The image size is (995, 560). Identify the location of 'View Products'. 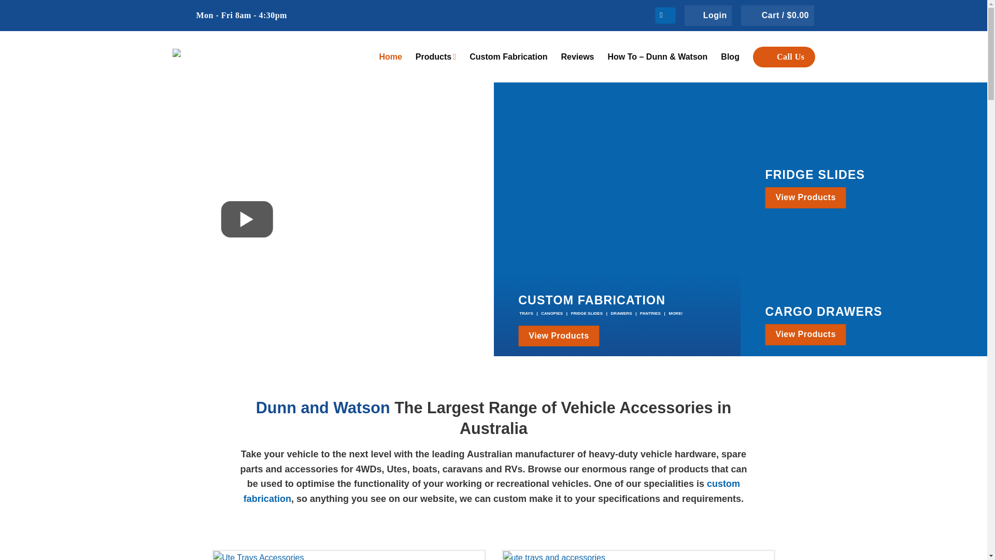
(765, 334).